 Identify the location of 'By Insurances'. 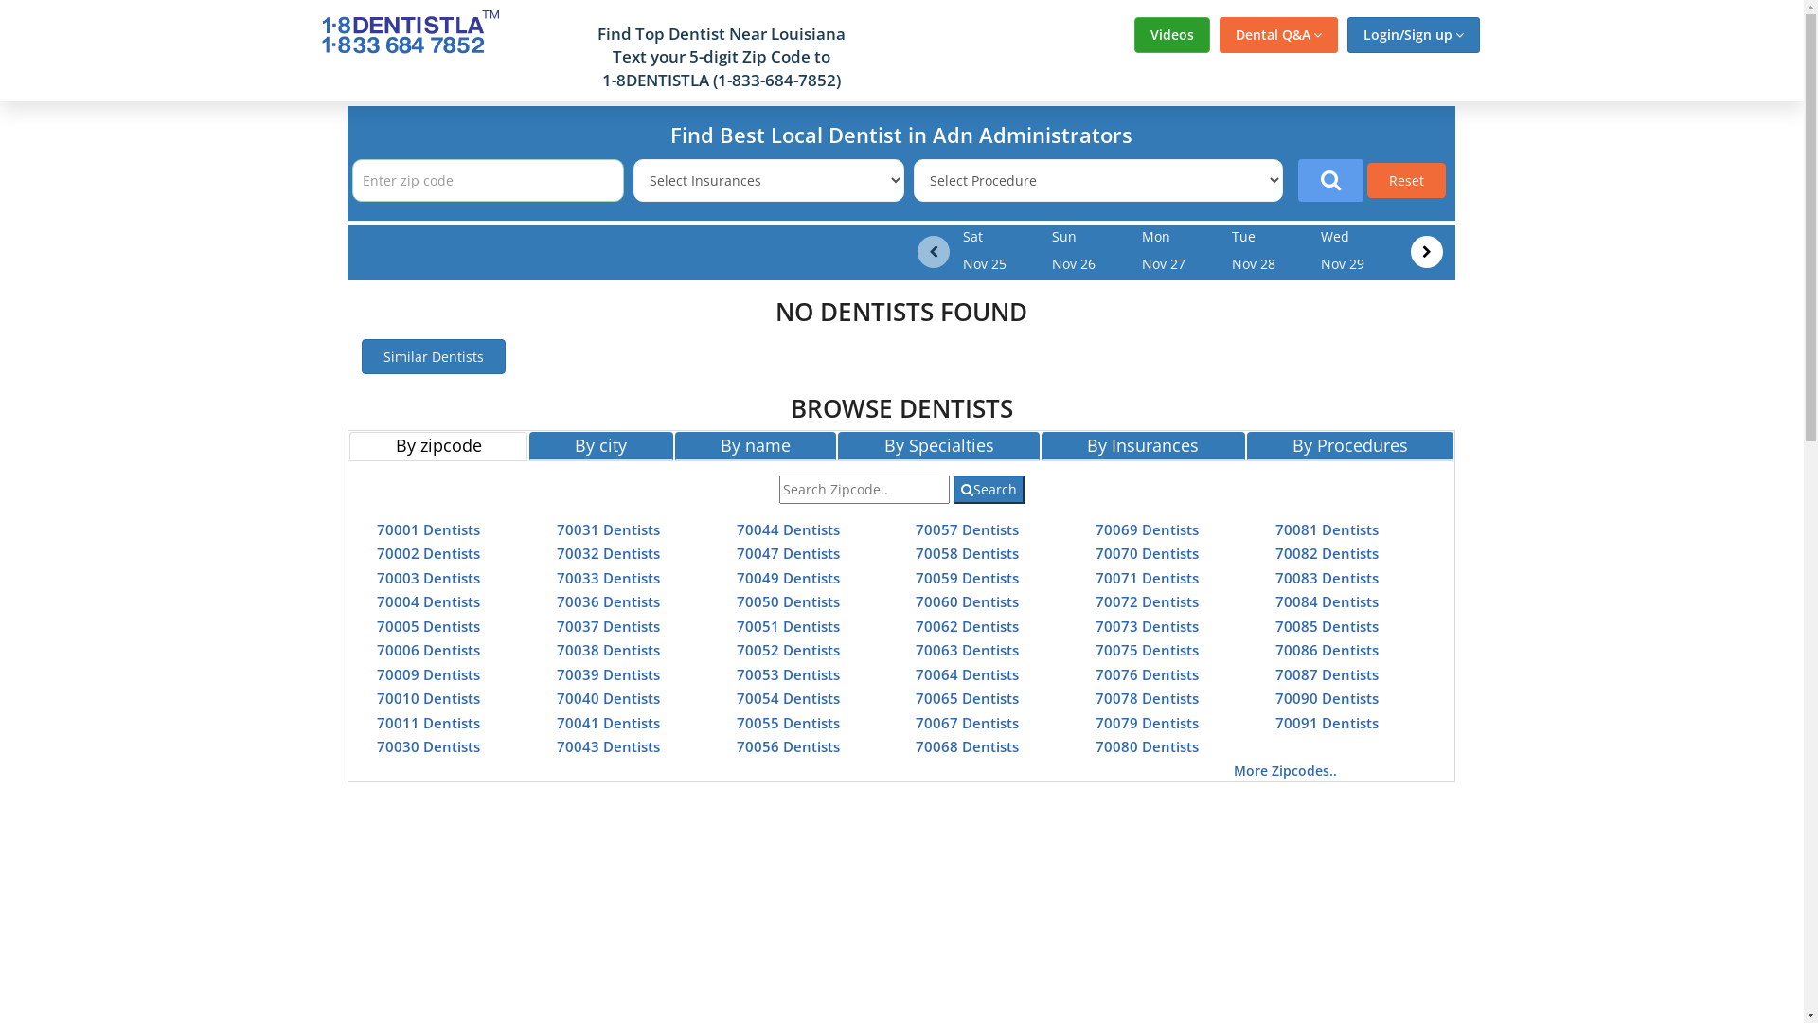
(1040, 445).